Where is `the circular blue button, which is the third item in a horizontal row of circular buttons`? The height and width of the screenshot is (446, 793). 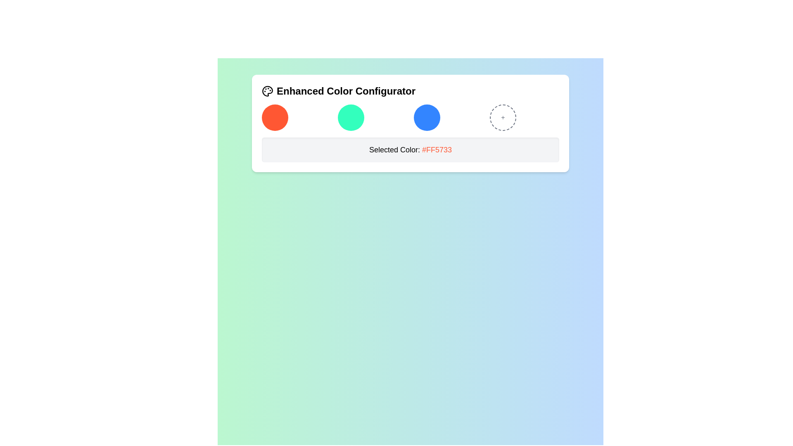
the circular blue button, which is the third item in a horizontal row of circular buttons is located at coordinates (427, 118).